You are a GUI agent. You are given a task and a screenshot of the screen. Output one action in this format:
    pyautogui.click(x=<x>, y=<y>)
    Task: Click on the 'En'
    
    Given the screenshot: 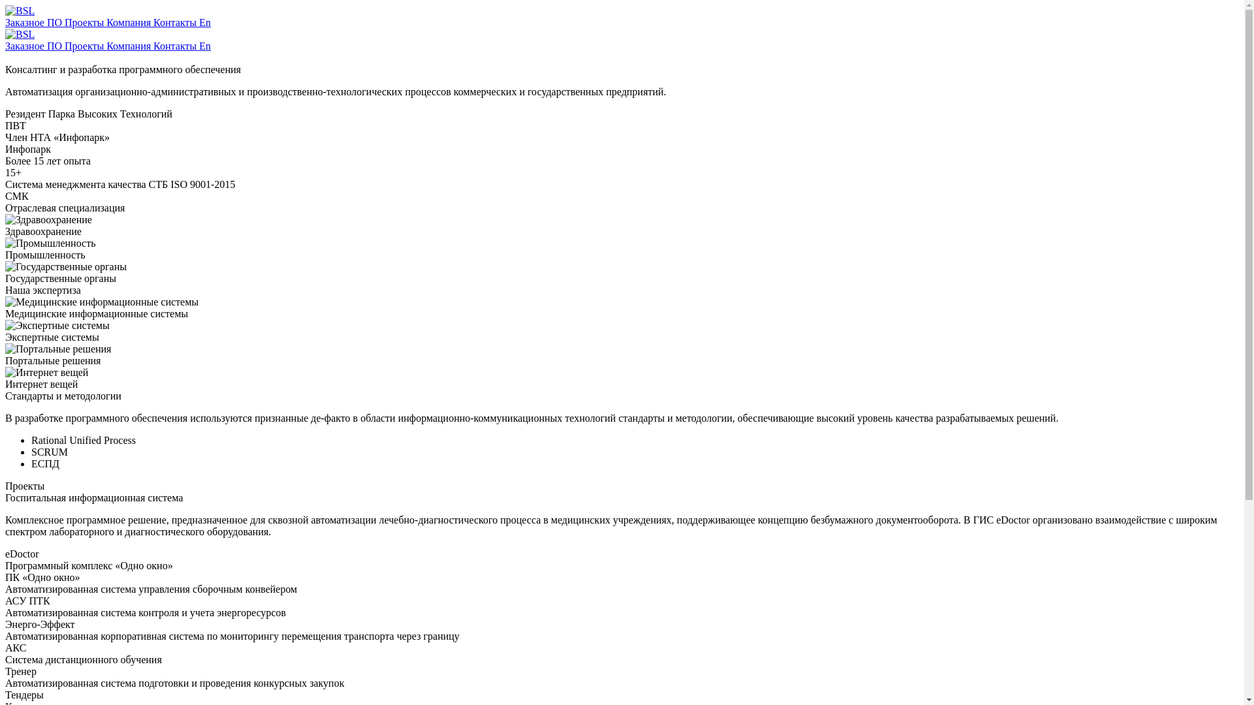 What is the action you would take?
    pyautogui.click(x=199, y=45)
    